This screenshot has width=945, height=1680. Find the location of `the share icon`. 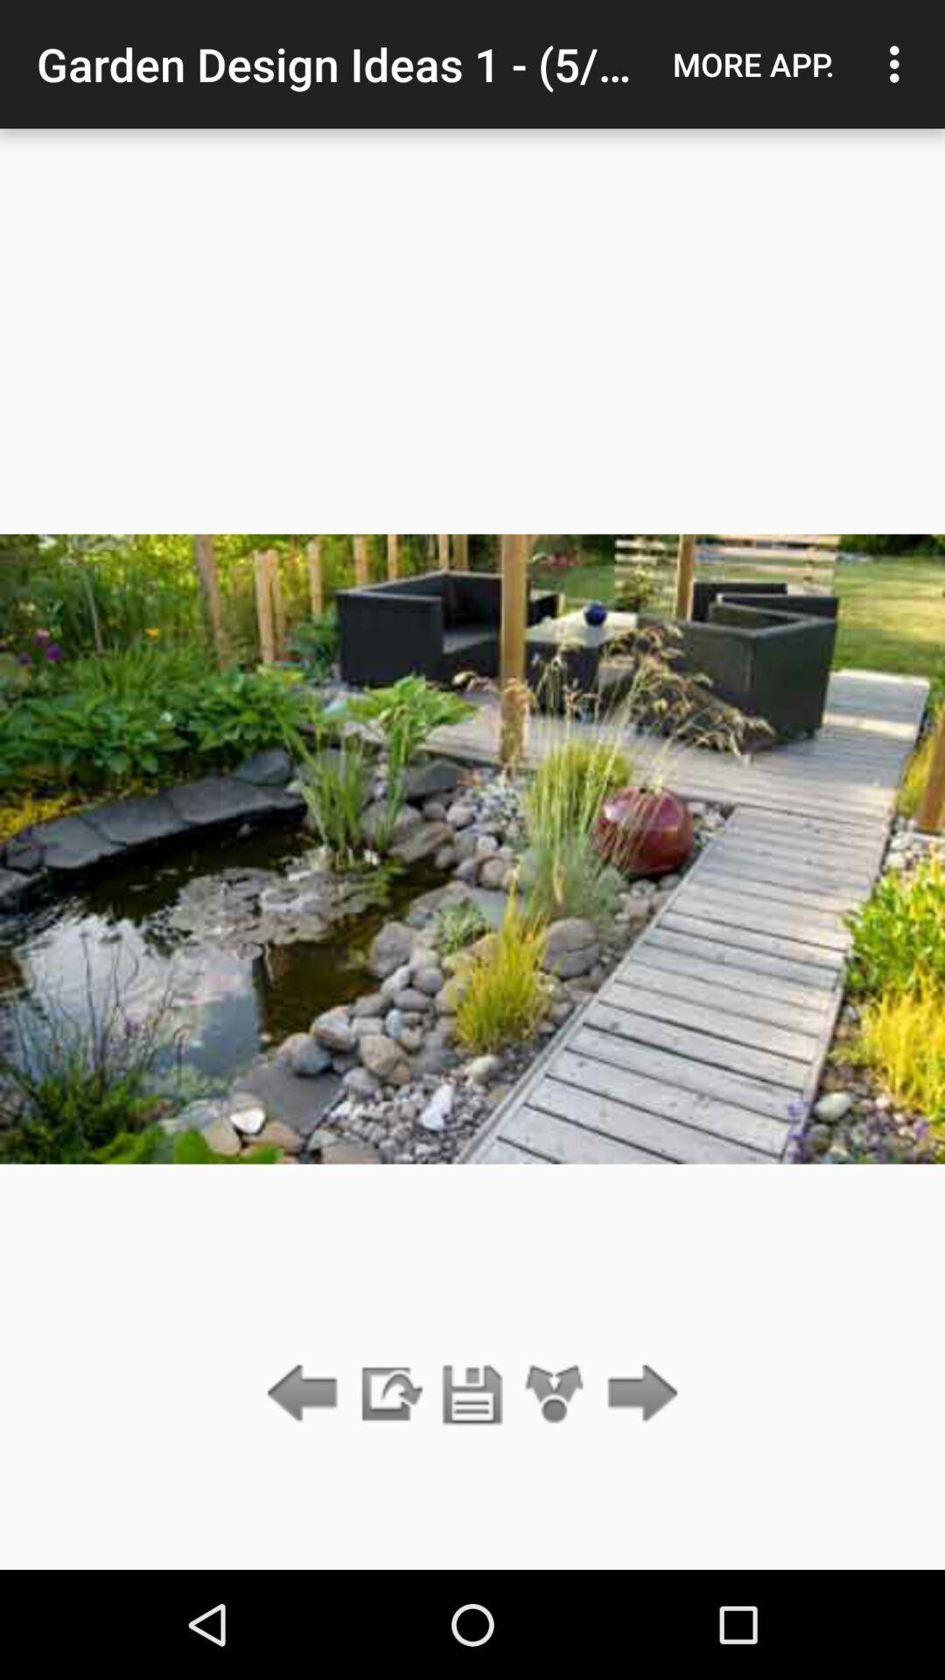

the share icon is located at coordinates (555, 1394).